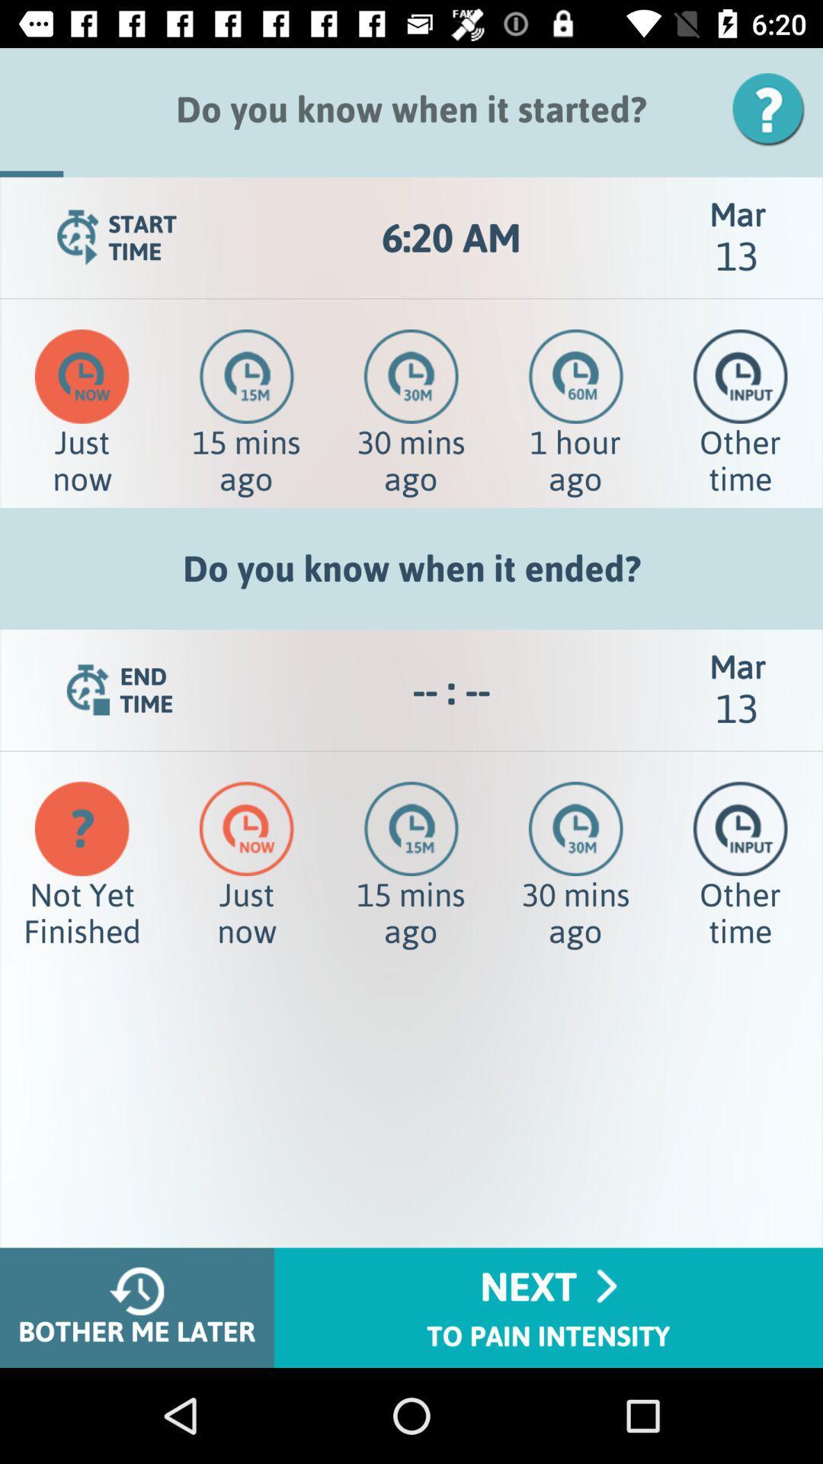 The width and height of the screenshot is (823, 1464). I want to click on item next to do you know app, so click(773, 108).